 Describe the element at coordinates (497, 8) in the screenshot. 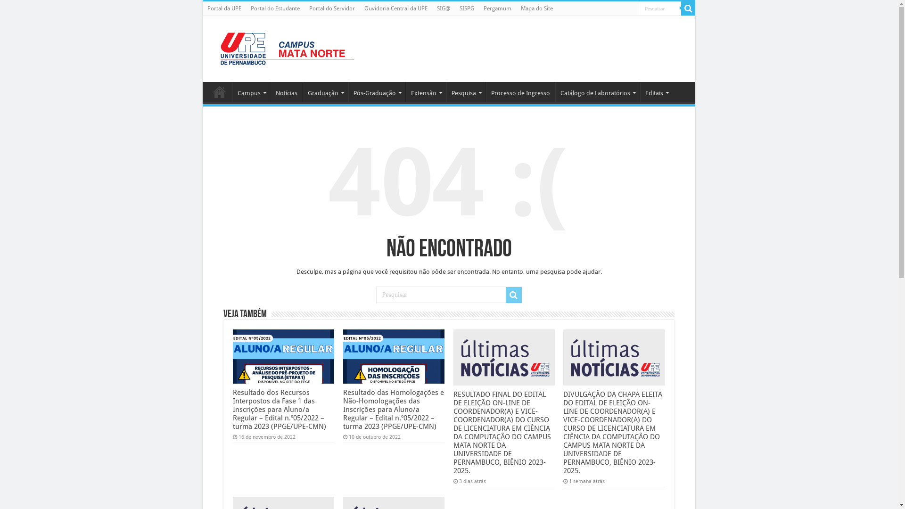

I see `'Pergamum'` at that location.